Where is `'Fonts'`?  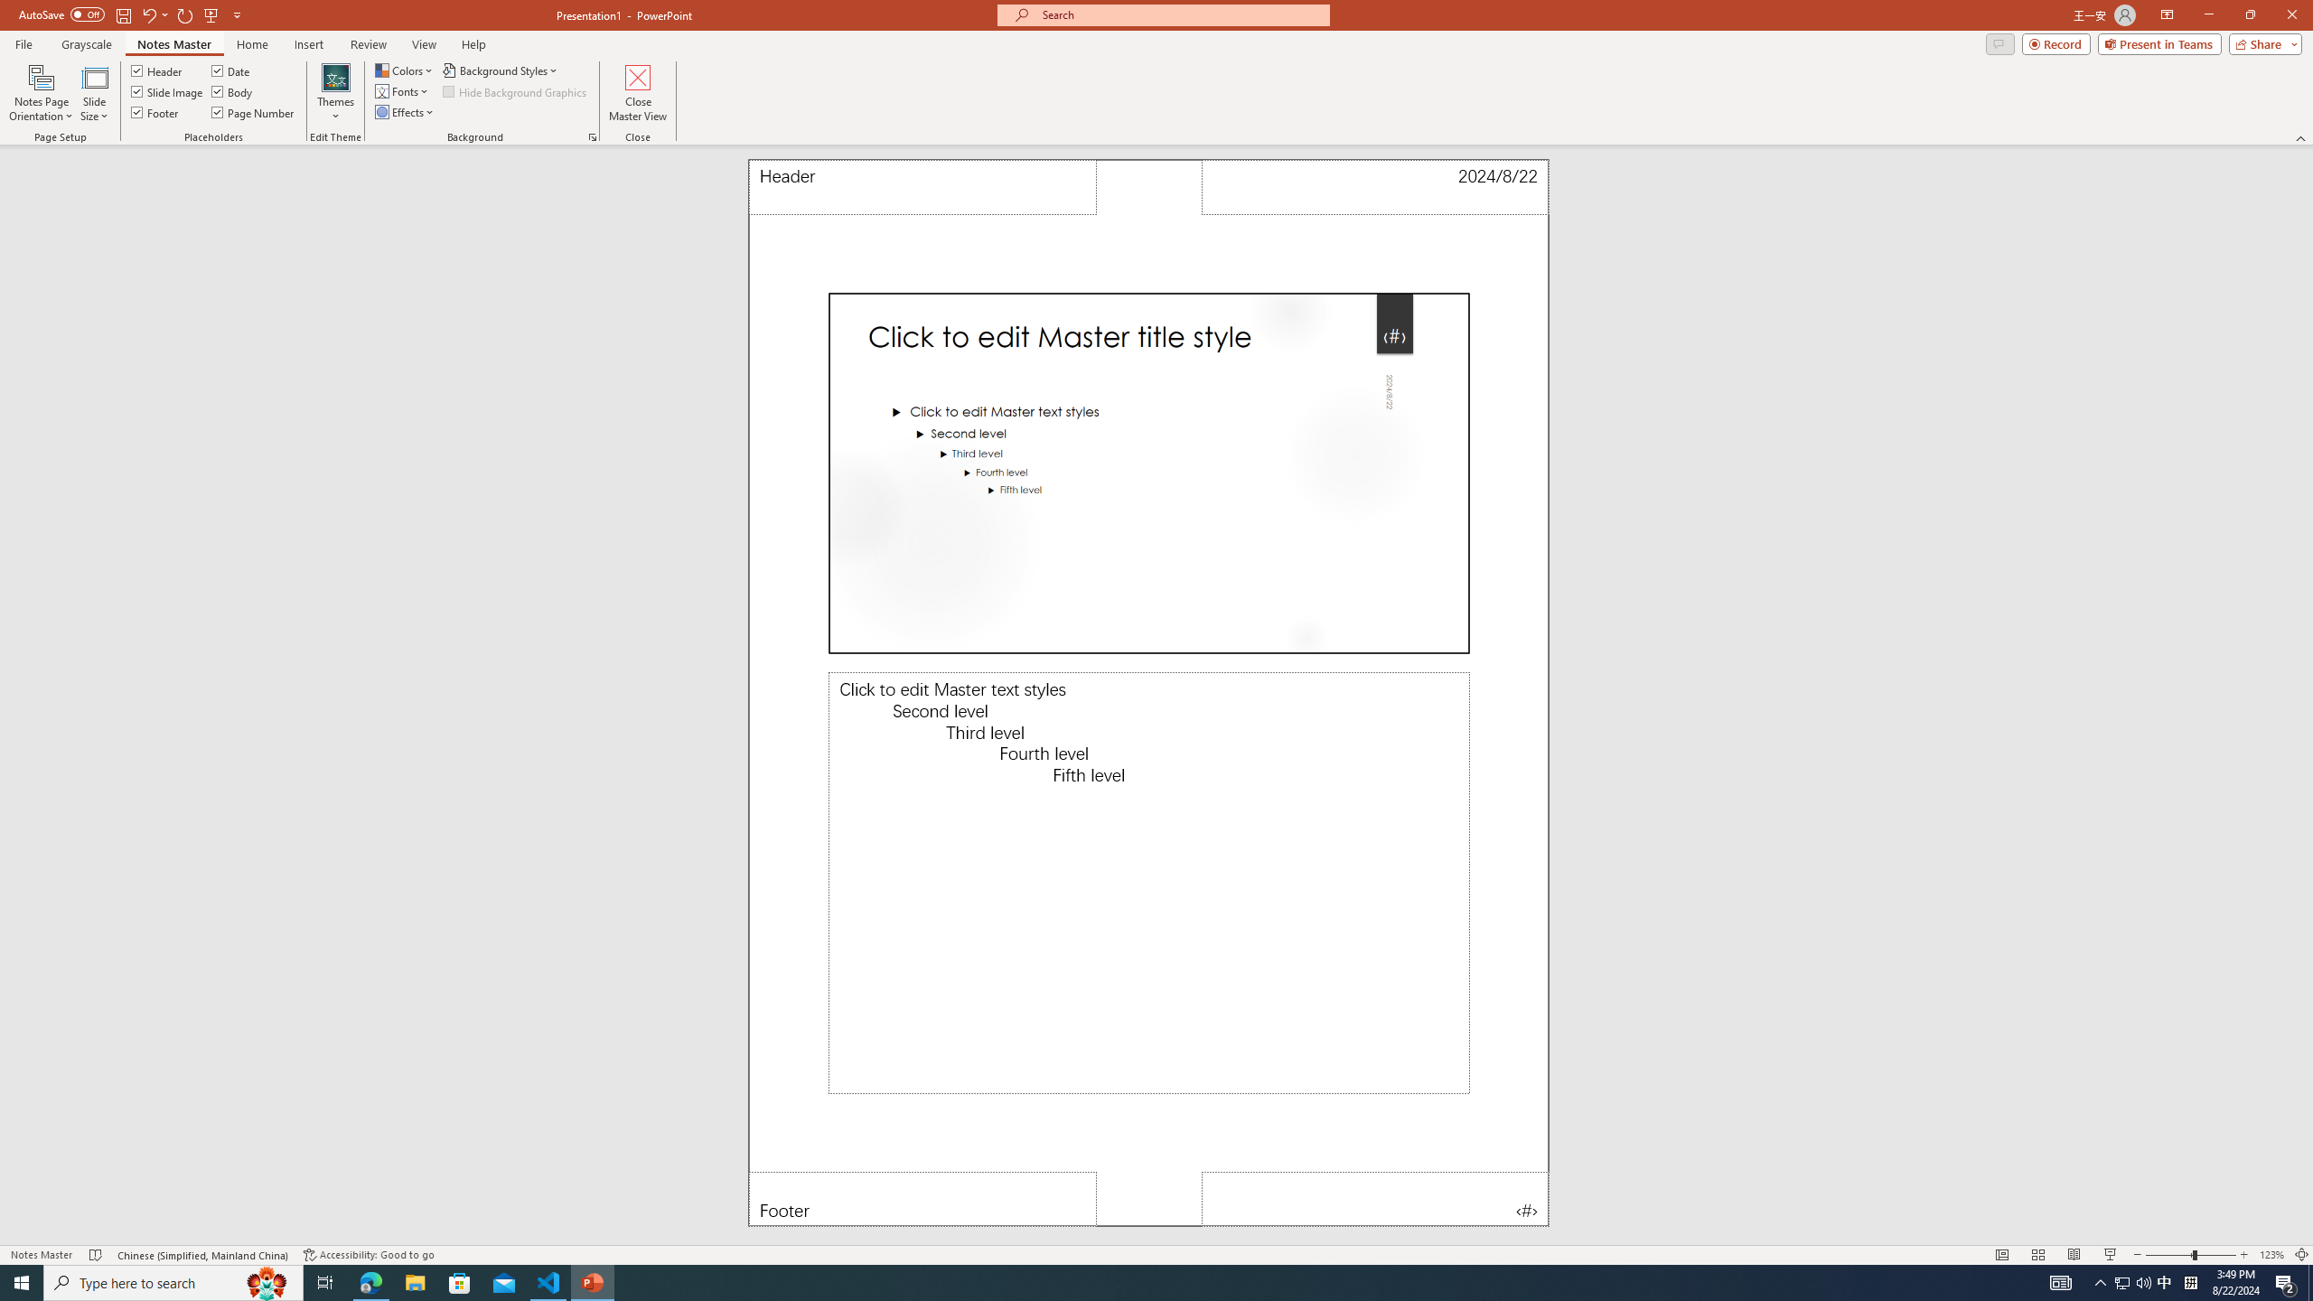 'Fonts' is located at coordinates (402, 89).